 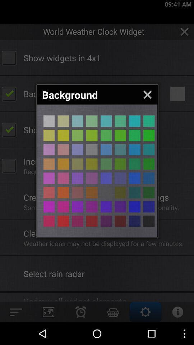 What do you see at coordinates (77, 121) in the screenshot?
I see `blue colour` at bounding box center [77, 121].